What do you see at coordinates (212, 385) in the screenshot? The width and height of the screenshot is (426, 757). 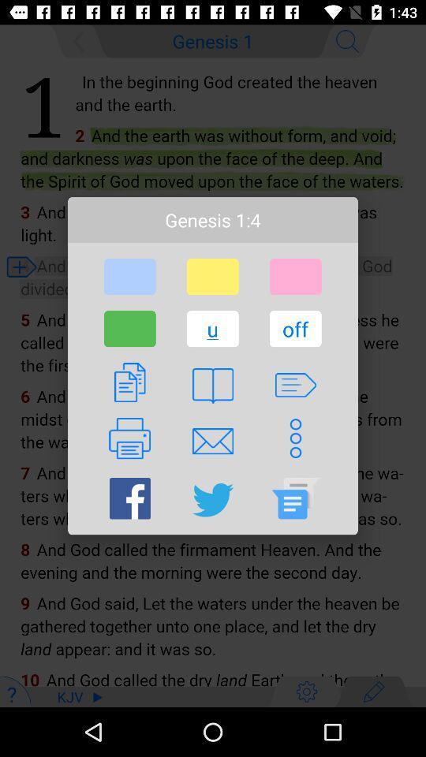 I see `the button below the u item` at bounding box center [212, 385].